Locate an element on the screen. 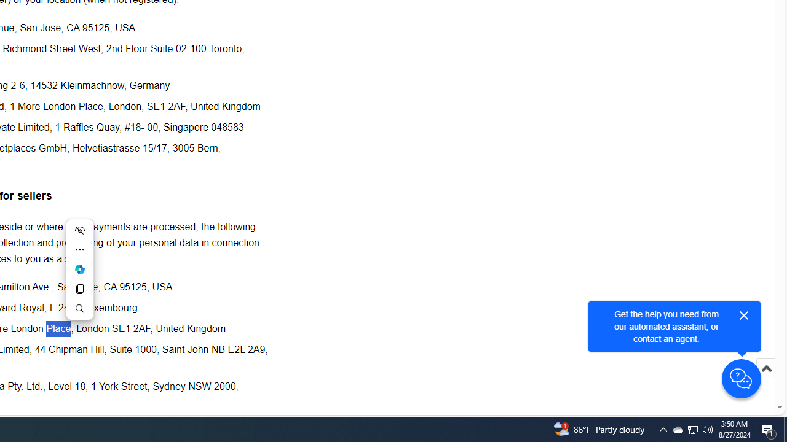 The image size is (787, 442). 'Scroll to top' is located at coordinates (765, 381).